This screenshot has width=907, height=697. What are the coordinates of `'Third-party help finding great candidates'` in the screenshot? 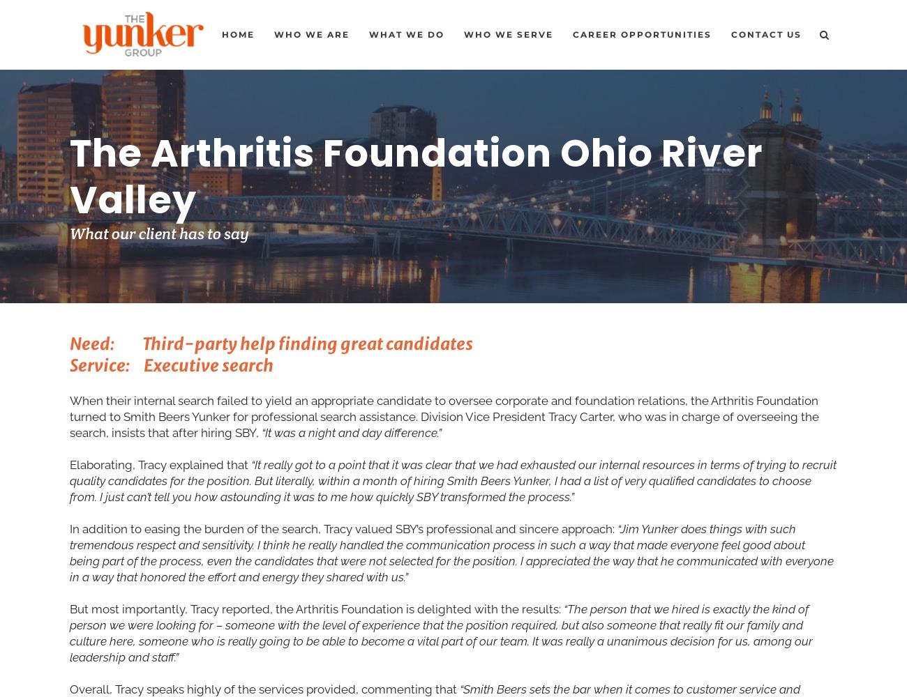 It's located at (306, 343).